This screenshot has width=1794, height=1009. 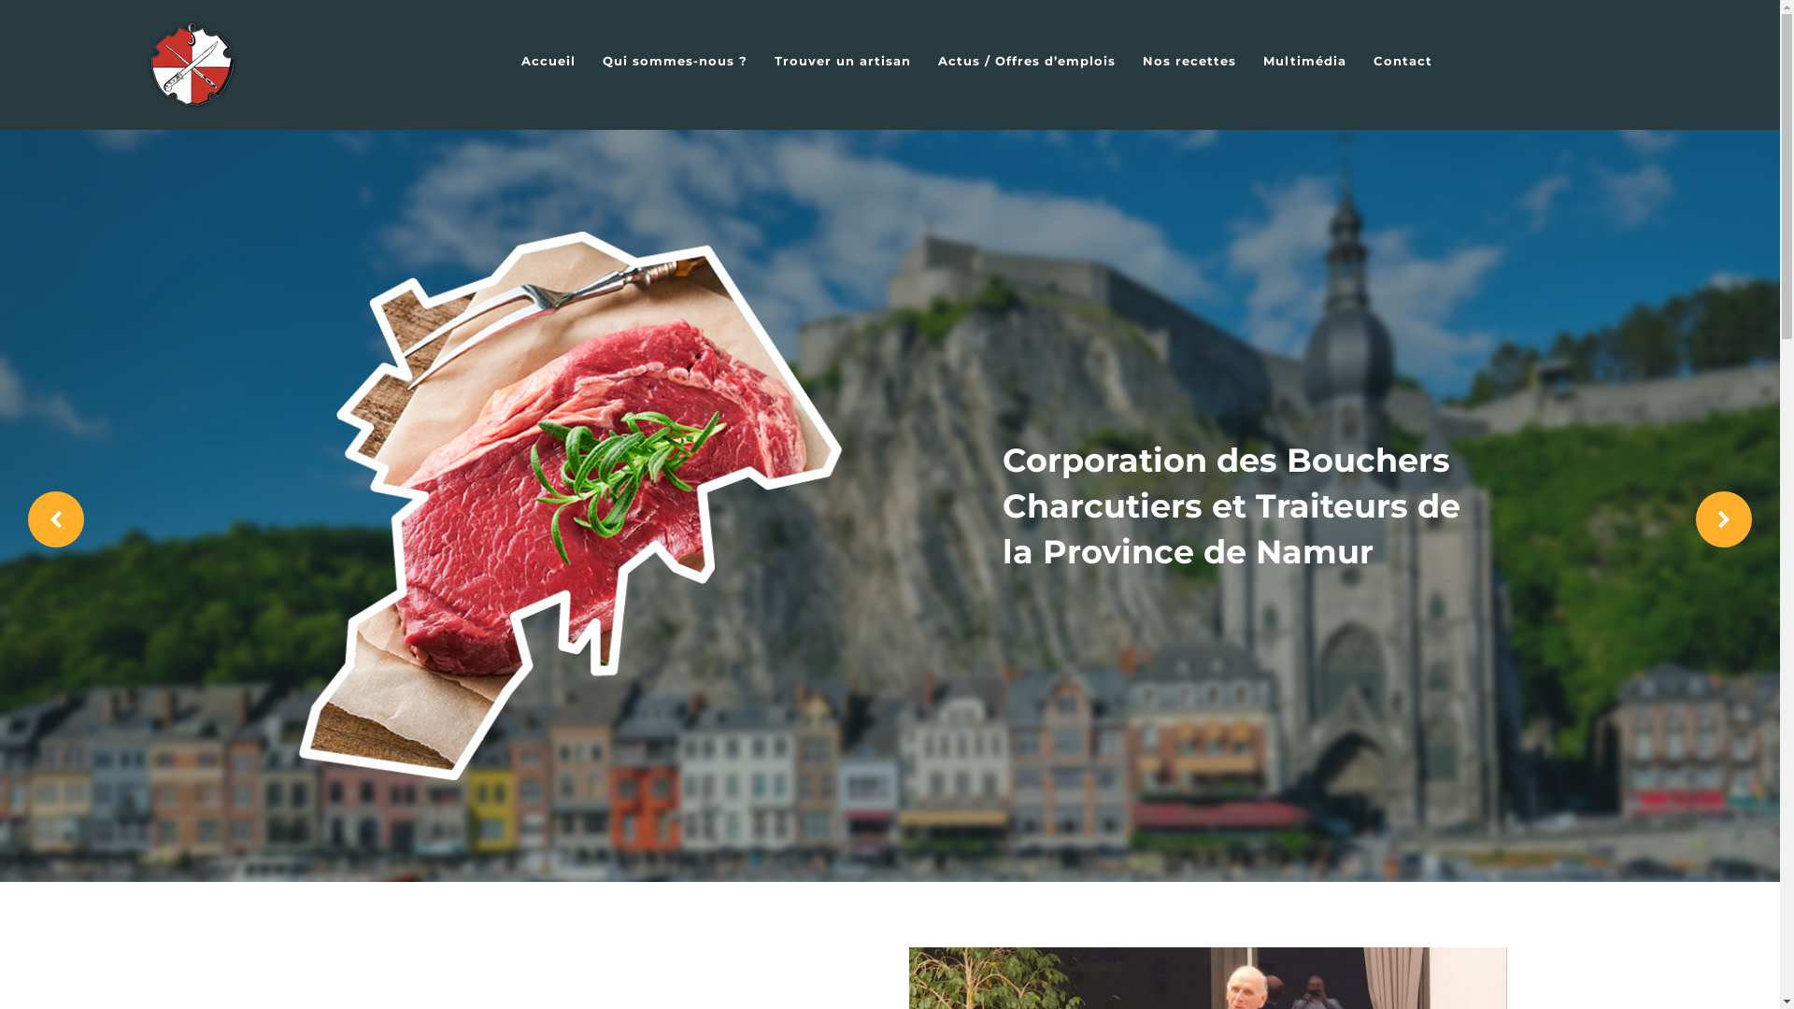 I want to click on 'Qui sommes-nous ?', so click(x=674, y=60).